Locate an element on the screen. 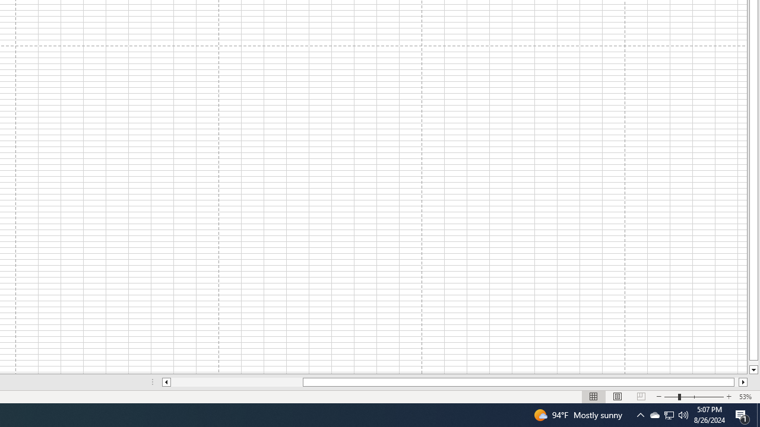  'Page right' is located at coordinates (736, 382).